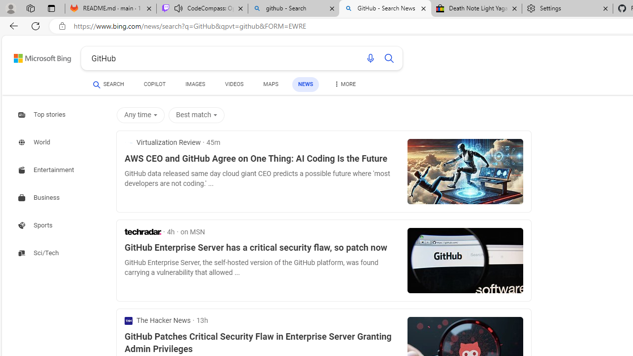 This screenshot has width=633, height=356. I want to click on 'github - Search', so click(293, 8).